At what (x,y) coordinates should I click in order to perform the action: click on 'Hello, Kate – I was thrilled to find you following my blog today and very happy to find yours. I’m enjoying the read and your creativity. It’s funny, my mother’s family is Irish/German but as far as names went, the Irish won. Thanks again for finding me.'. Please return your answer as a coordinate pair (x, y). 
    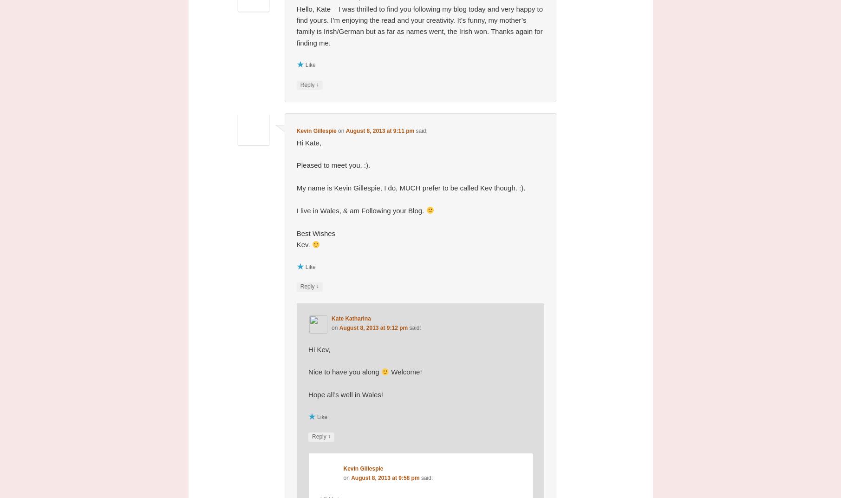
    Looking at the image, I should click on (296, 25).